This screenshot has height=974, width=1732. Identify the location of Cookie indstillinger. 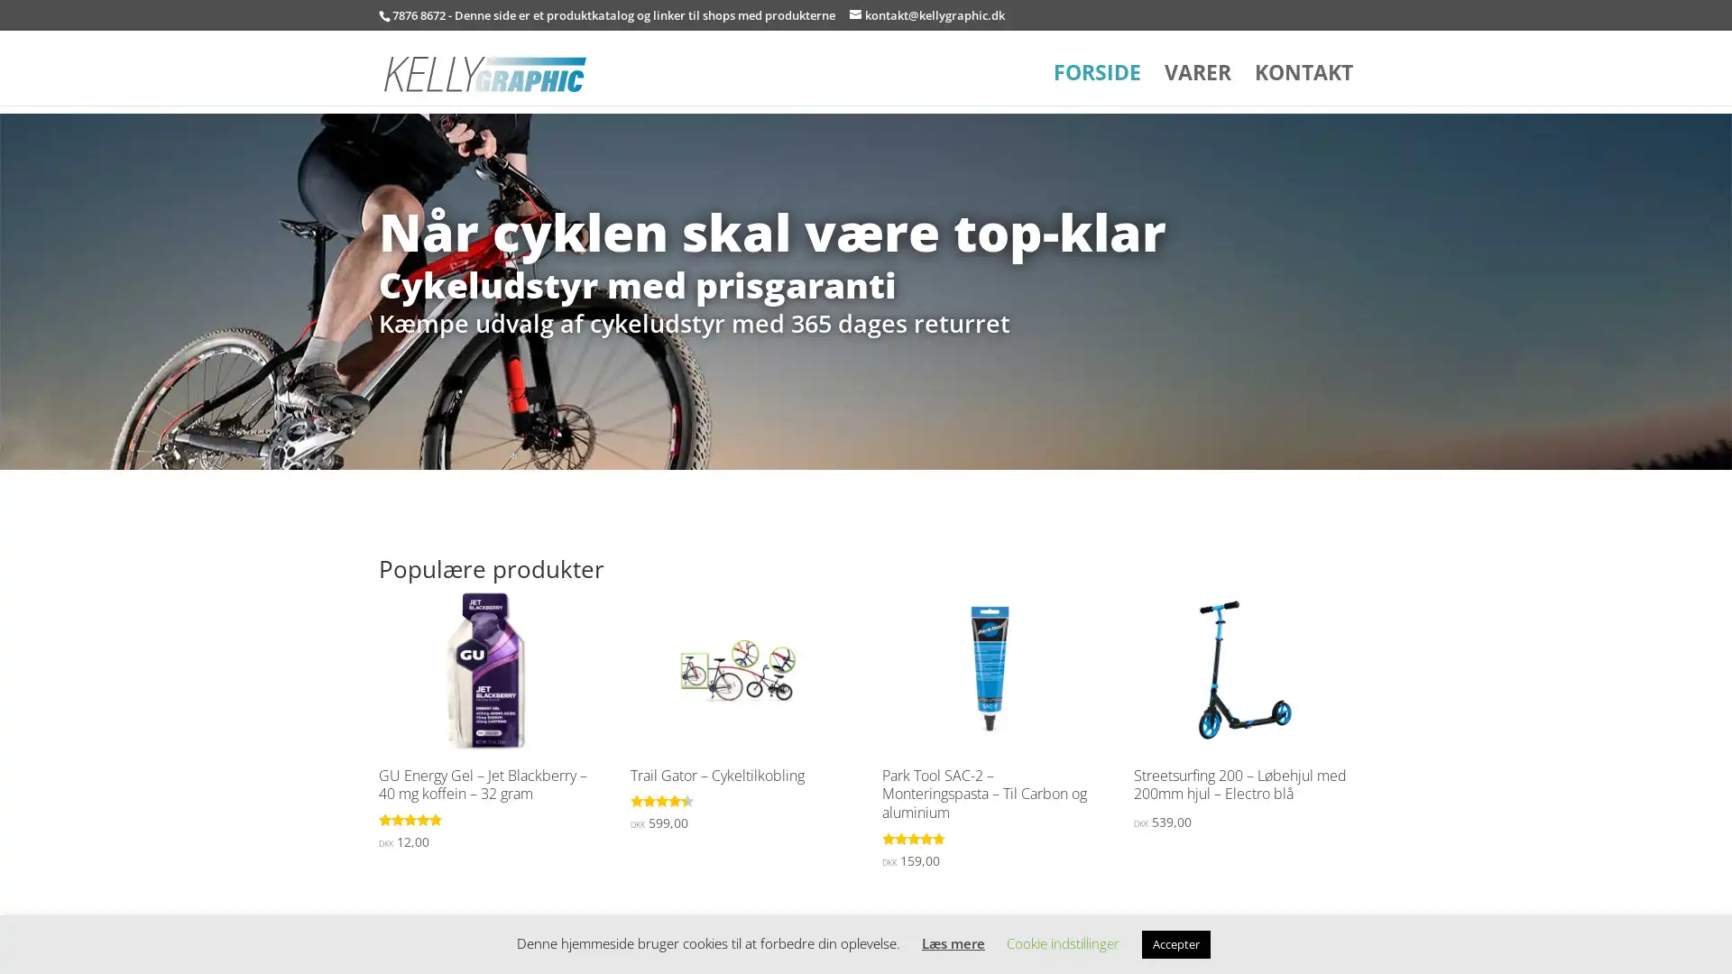
(1063, 942).